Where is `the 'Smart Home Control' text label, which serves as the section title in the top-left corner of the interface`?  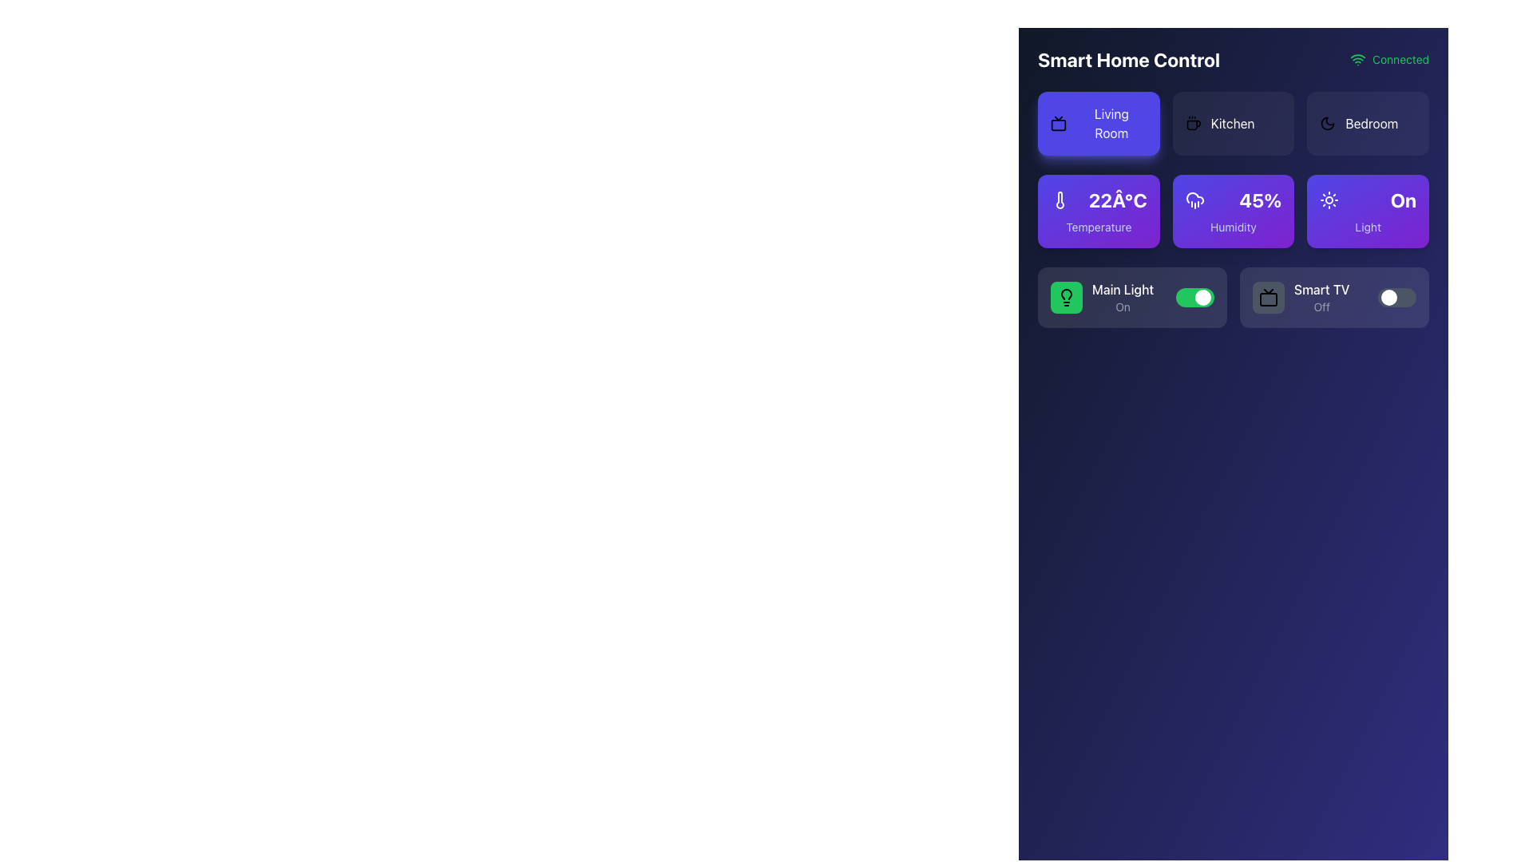
the 'Smart Home Control' text label, which serves as the section title in the top-left corner of the interface is located at coordinates (1128, 58).